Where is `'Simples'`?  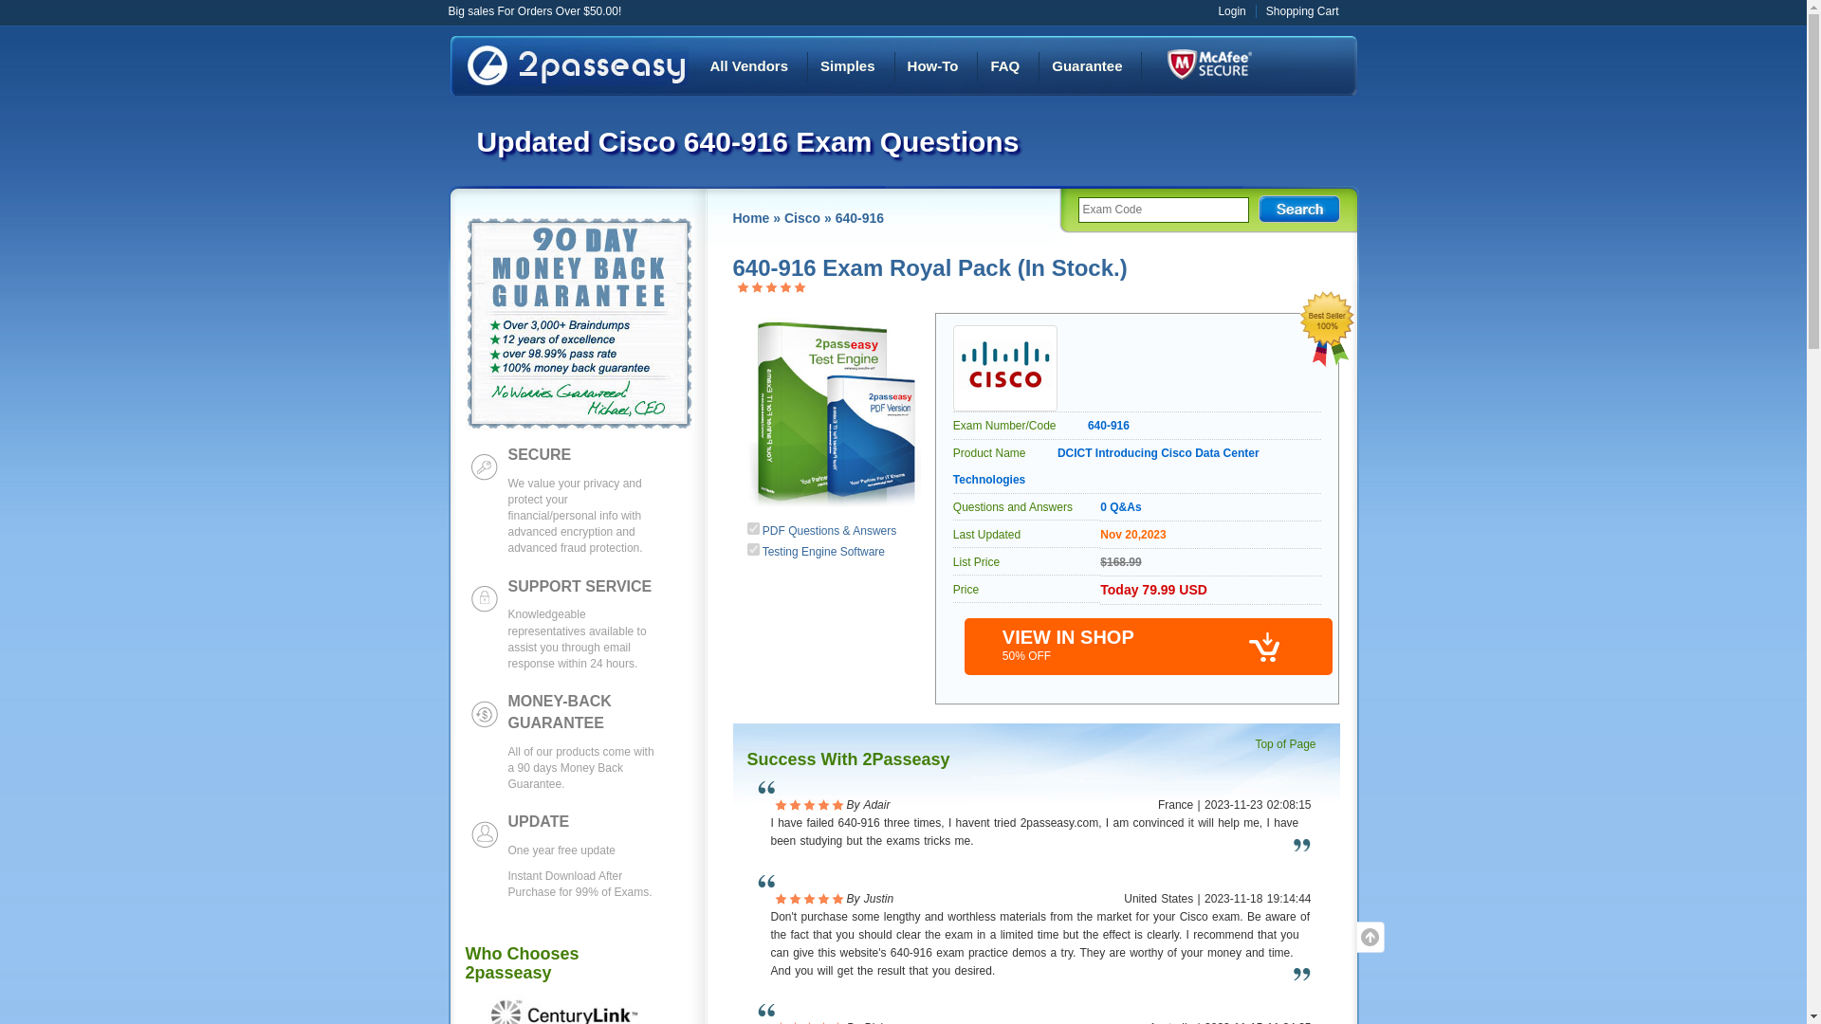
'Simples' is located at coordinates (846, 64).